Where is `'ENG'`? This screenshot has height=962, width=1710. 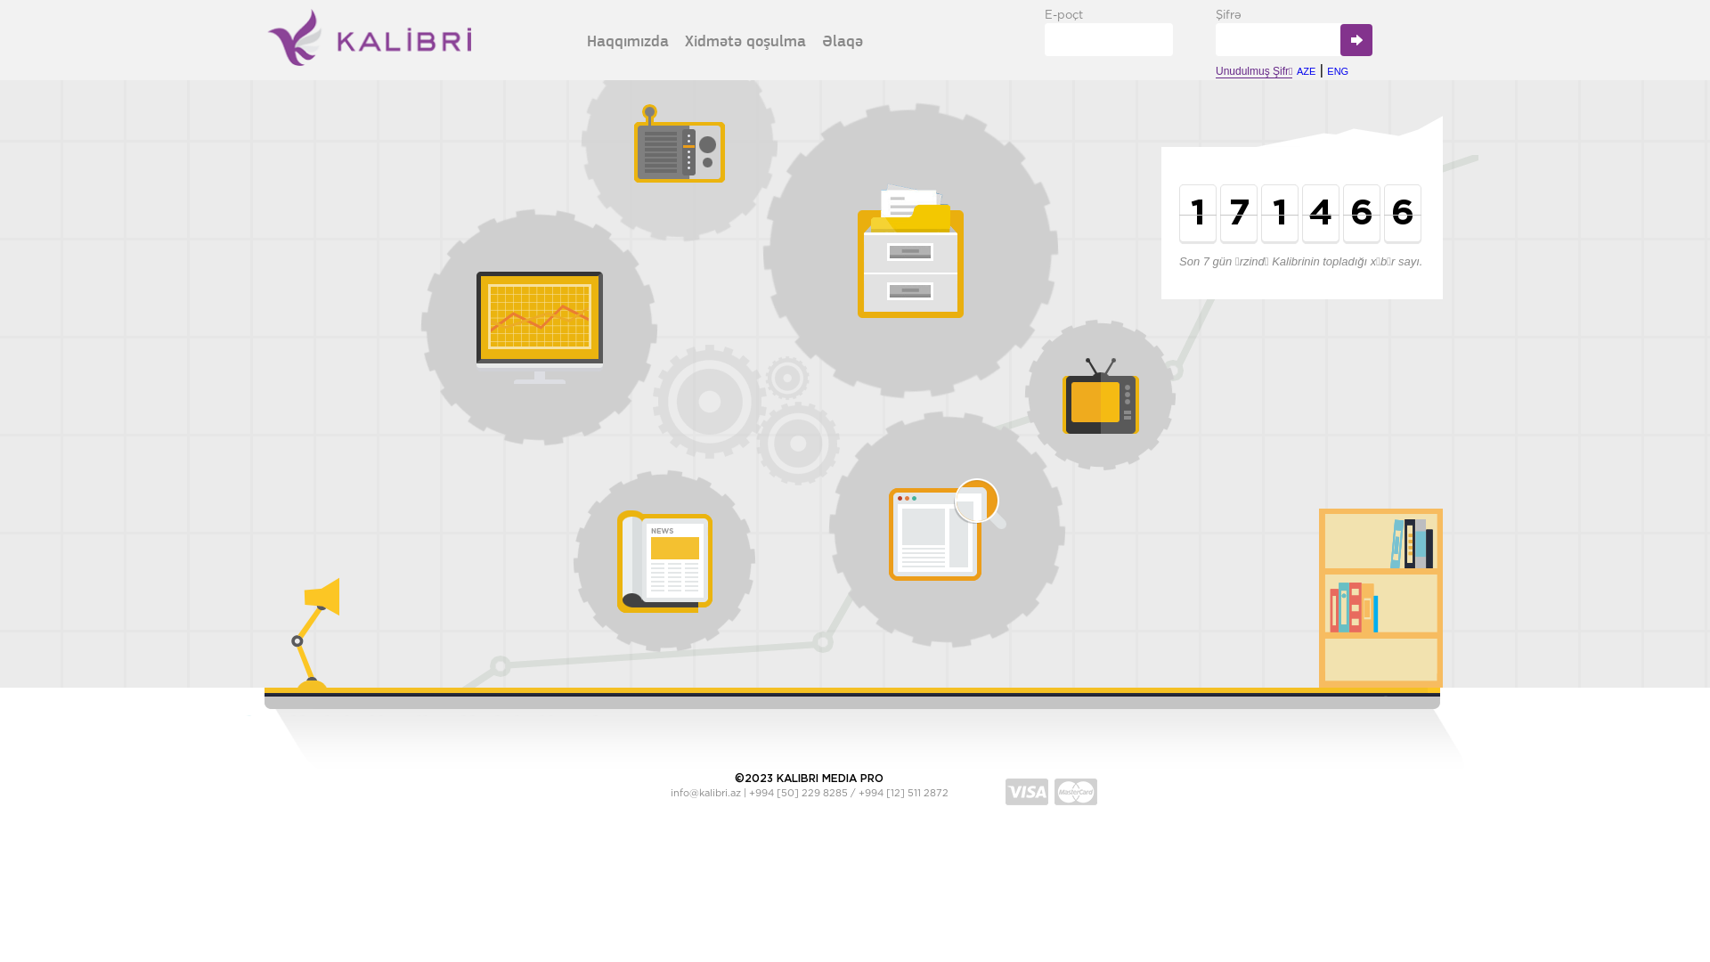
'ENG' is located at coordinates (1338, 70).